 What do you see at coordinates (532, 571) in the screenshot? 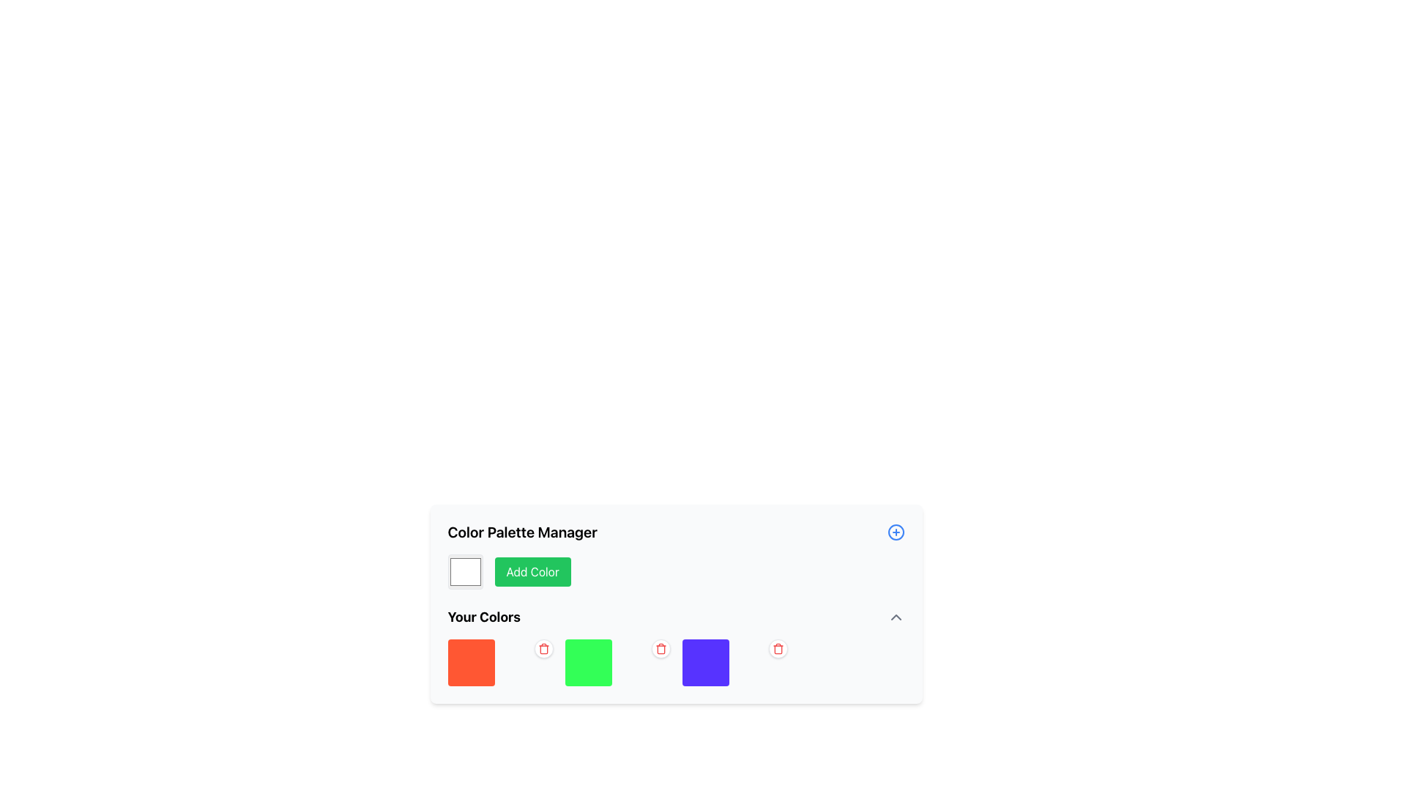
I see `the button that adds a new color to the palette, located to the right of the square color picker in the 'Color Palette Manager' section` at bounding box center [532, 571].